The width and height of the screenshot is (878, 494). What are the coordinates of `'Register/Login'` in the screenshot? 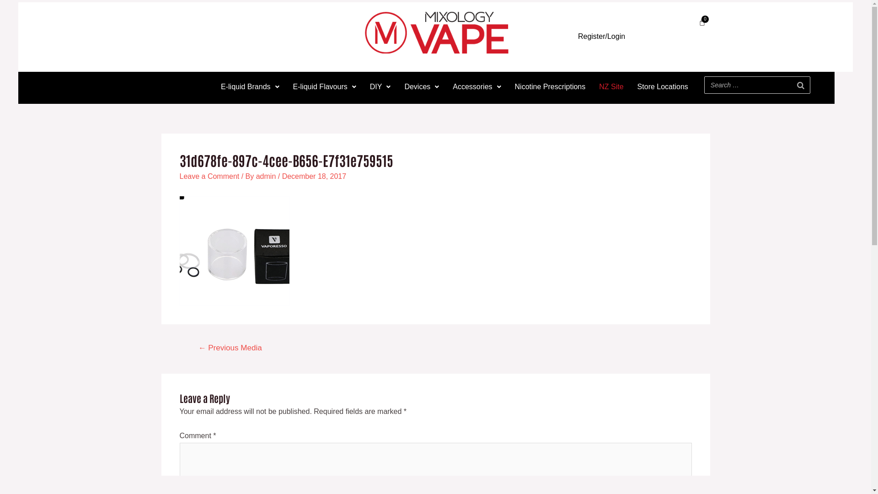 It's located at (601, 36).